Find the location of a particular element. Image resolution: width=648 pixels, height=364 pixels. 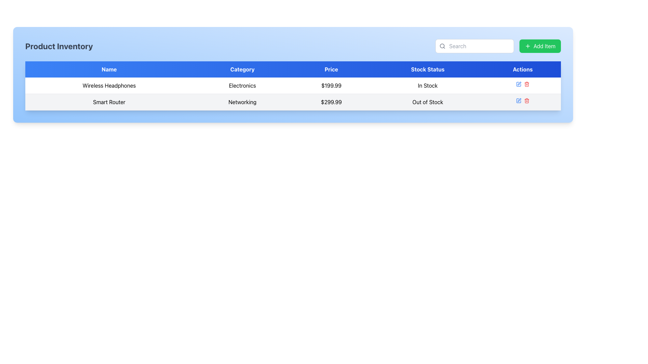

the static text header for the 'Category' column in the table, which is positioned between the 'Name' and 'Price' columns is located at coordinates (242, 69).